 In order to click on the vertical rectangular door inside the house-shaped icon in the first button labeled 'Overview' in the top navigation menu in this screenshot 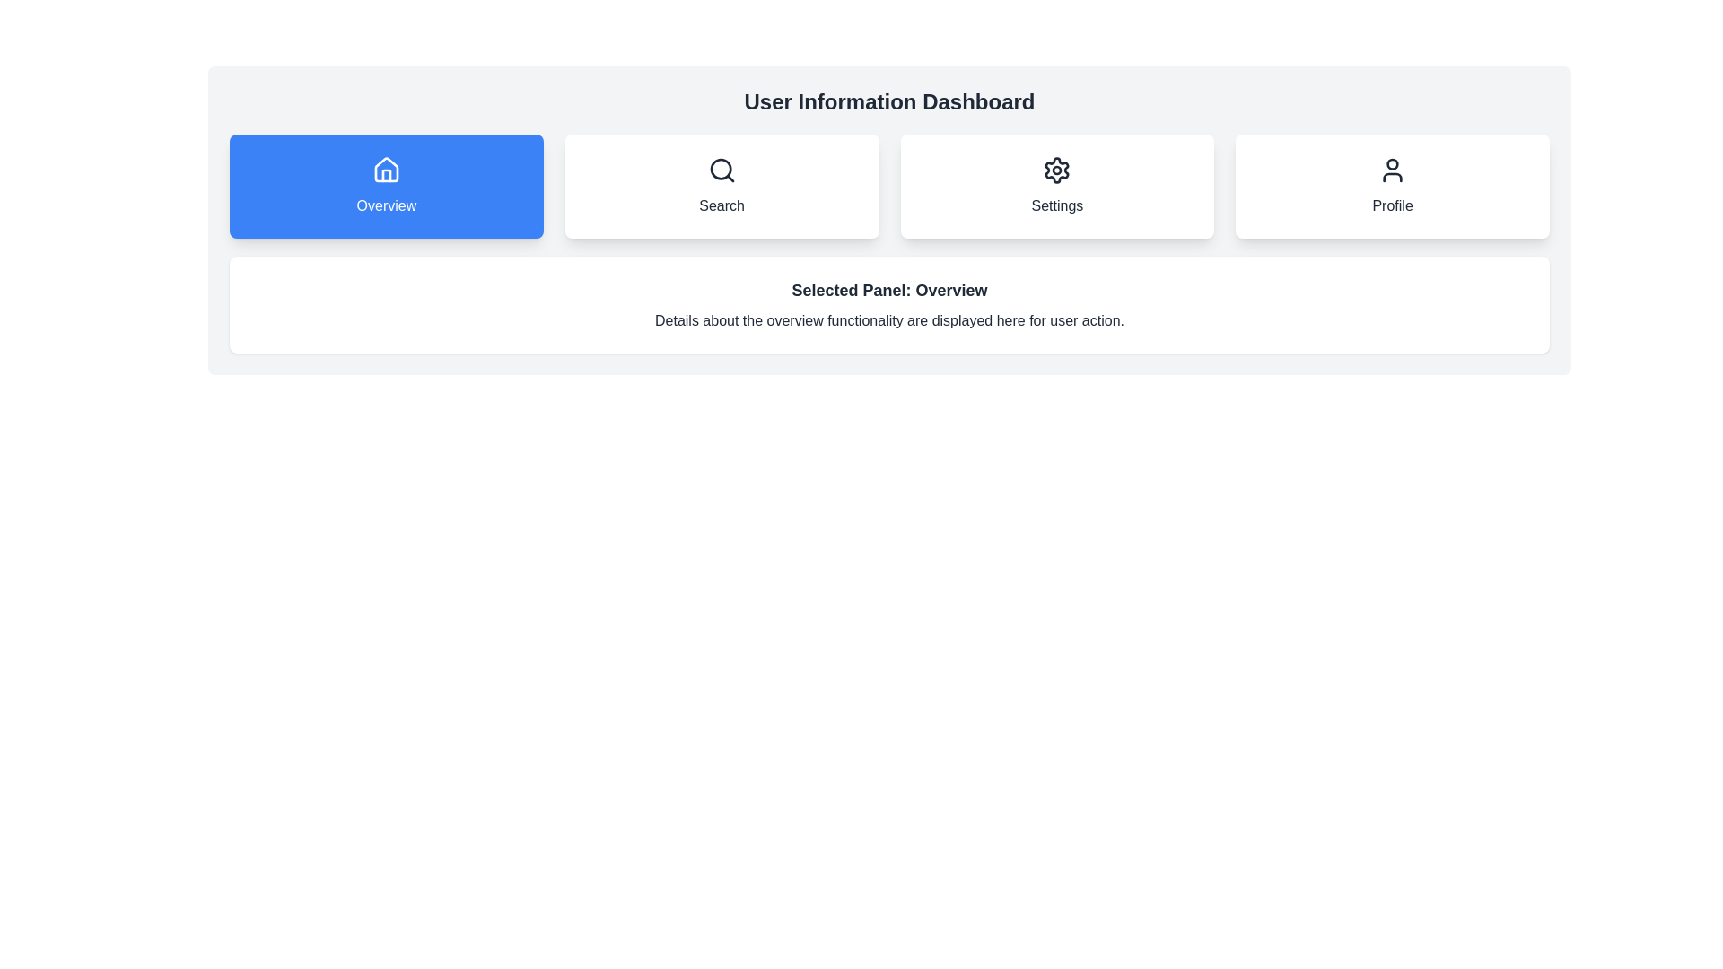, I will do `click(385, 176)`.